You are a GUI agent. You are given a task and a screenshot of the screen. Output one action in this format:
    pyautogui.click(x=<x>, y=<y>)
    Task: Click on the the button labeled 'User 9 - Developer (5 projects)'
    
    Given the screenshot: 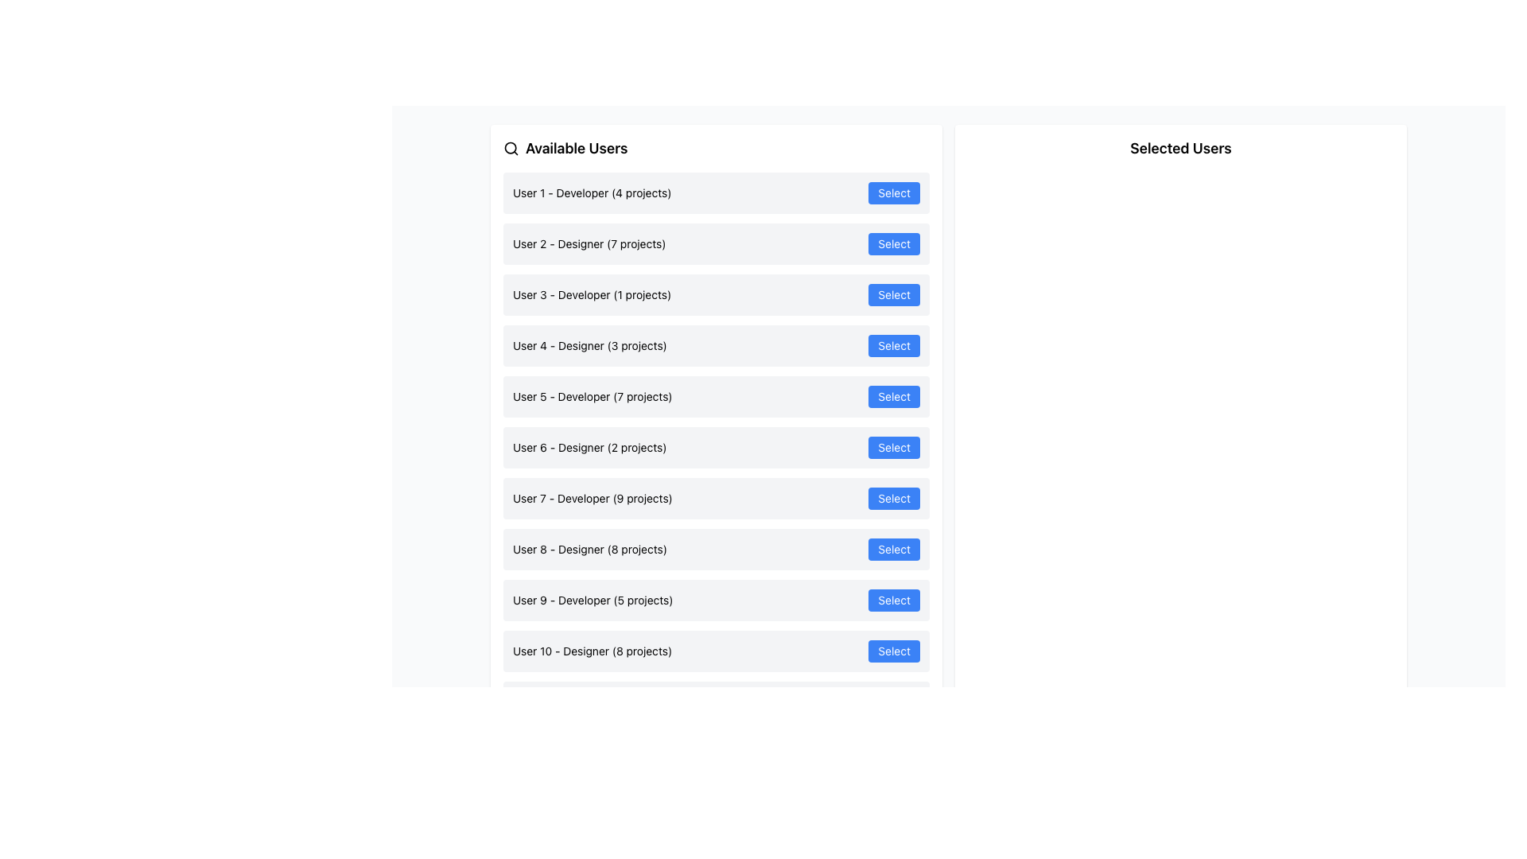 What is the action you would take?
    pyautogui.click(x=894, y=601)
    